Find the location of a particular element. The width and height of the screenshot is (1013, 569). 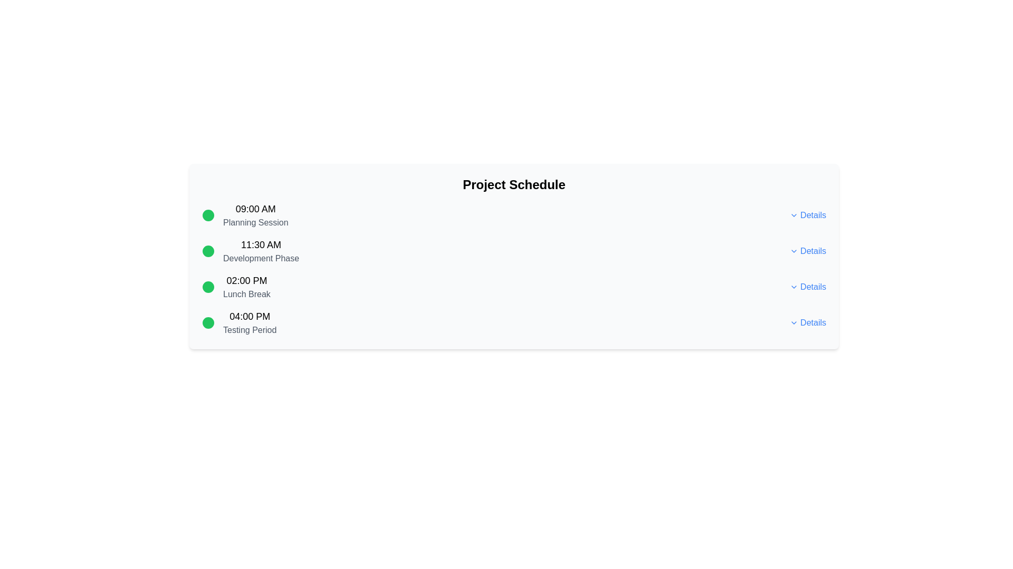

the text displaying '04:00 PM' located in the fourth timeline item under the 'Project Schedule' section, positioned to the left of 'Testing Period' and to the right of a green circular status indicator is located at coordinates (249, 316).